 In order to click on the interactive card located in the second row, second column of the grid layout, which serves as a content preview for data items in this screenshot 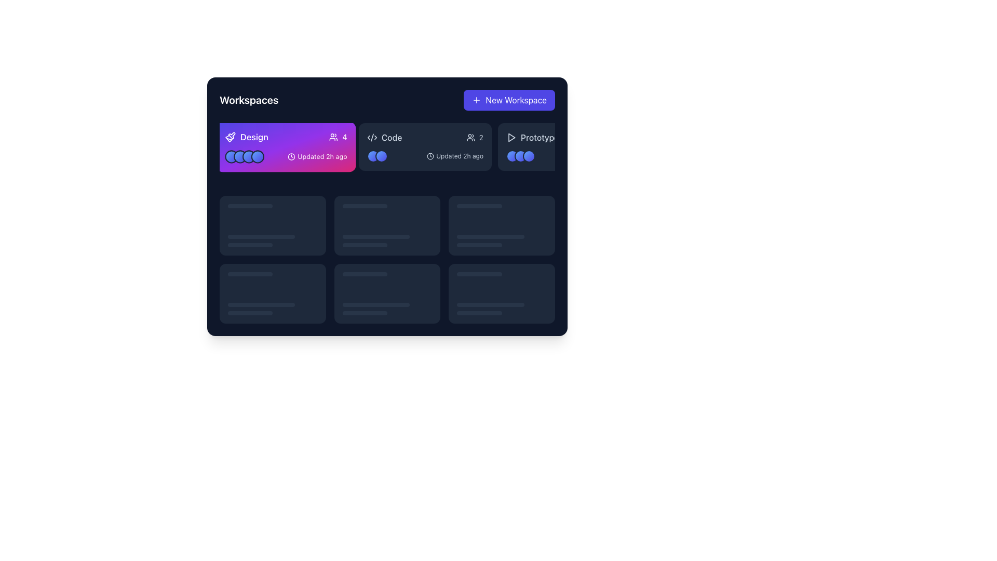, I will do `click(386, 293)`.